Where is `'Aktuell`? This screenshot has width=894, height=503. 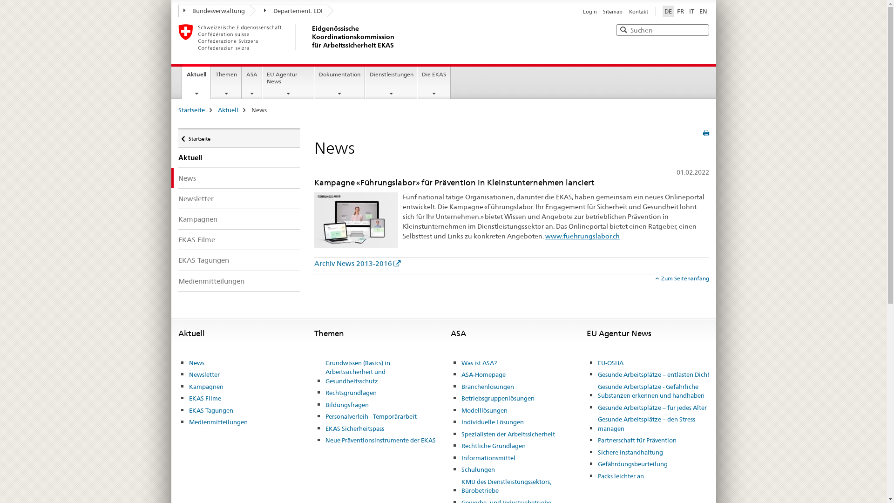
'Aktuell is located at coordinates (196, 81).